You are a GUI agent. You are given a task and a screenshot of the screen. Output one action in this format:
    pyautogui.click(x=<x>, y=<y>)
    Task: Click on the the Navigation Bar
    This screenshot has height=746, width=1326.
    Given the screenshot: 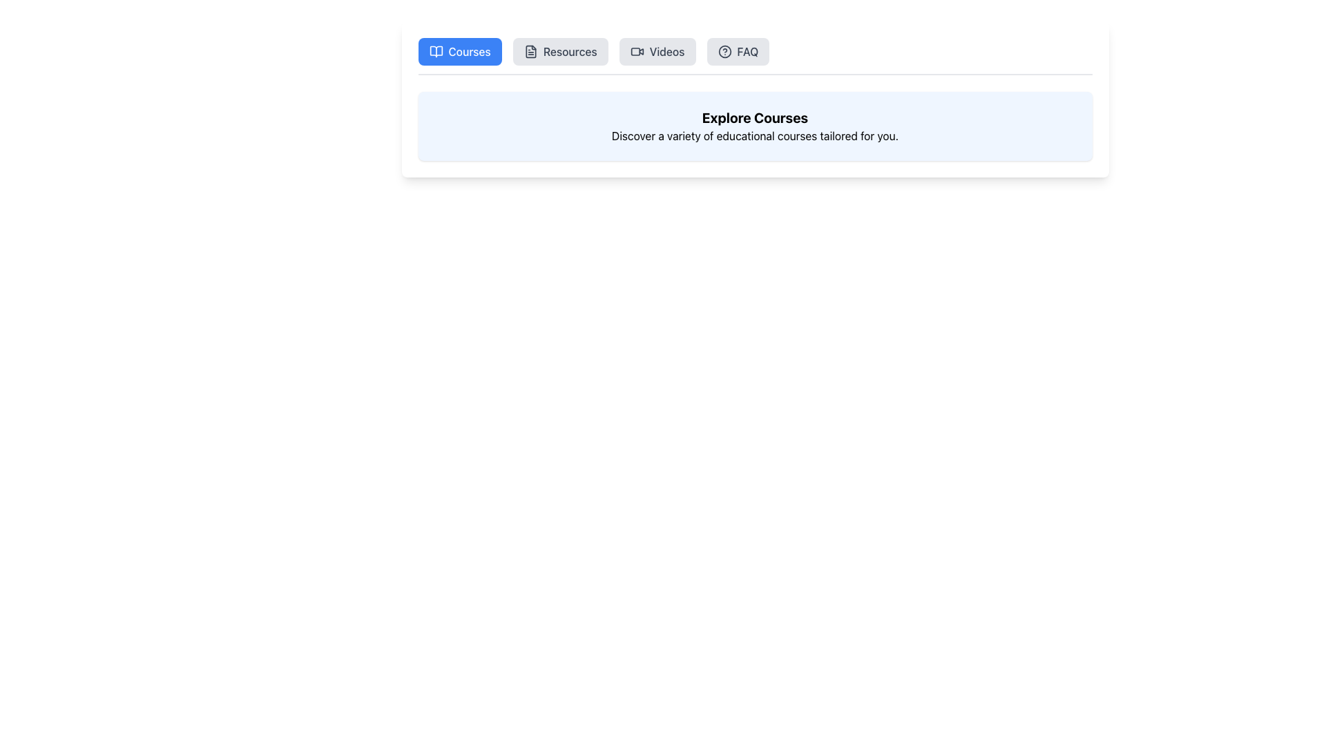 What is the action you would take?
    pyautogui.click(x=754, y=55)
    